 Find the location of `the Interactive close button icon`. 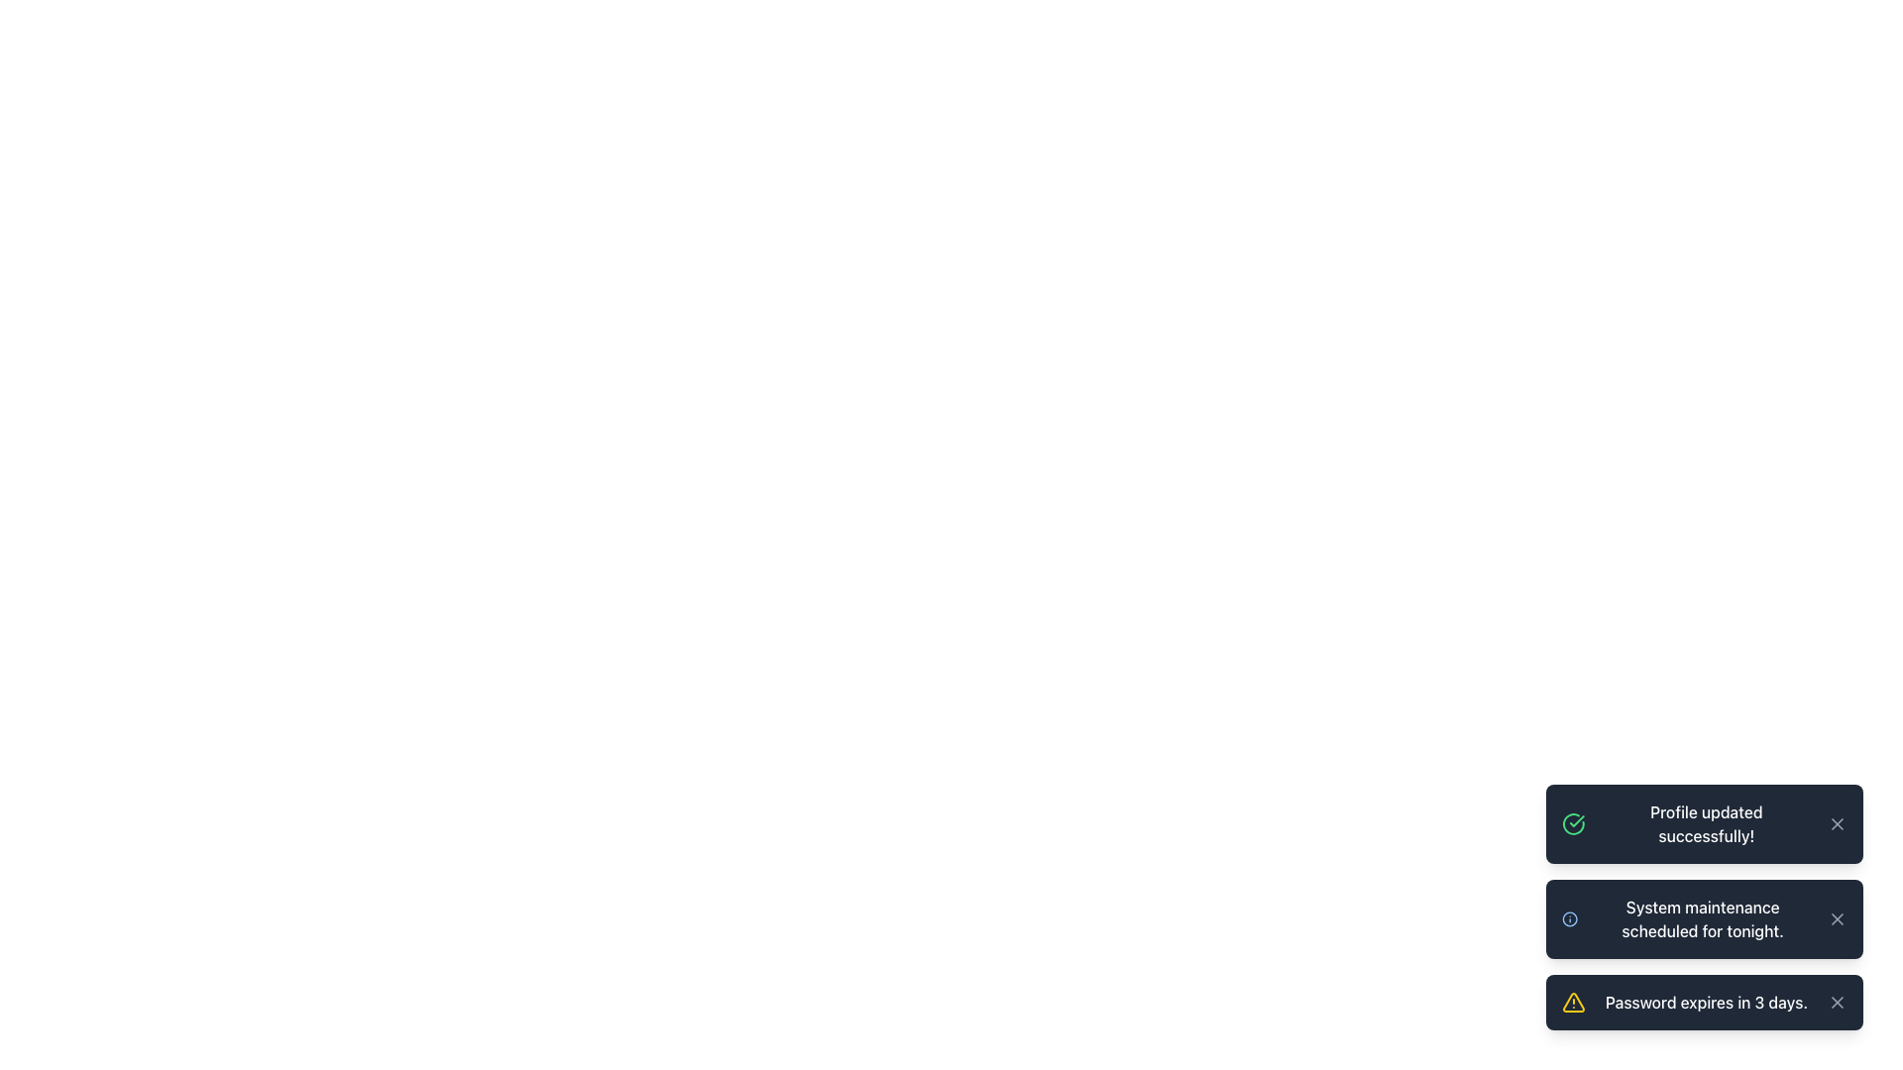

the Interactive close button icon is located at coordinates (1836, 824).